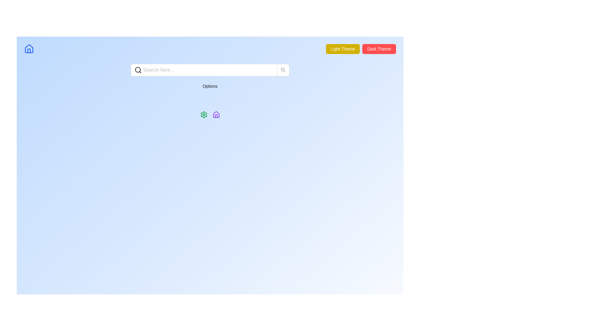 This screenshot has height=335, width=595. I want to click on the small circular-shaped icon resembling a magnifying glass, which represents the search feature, located within a button at the right end of the search input field, so click(283, 69).